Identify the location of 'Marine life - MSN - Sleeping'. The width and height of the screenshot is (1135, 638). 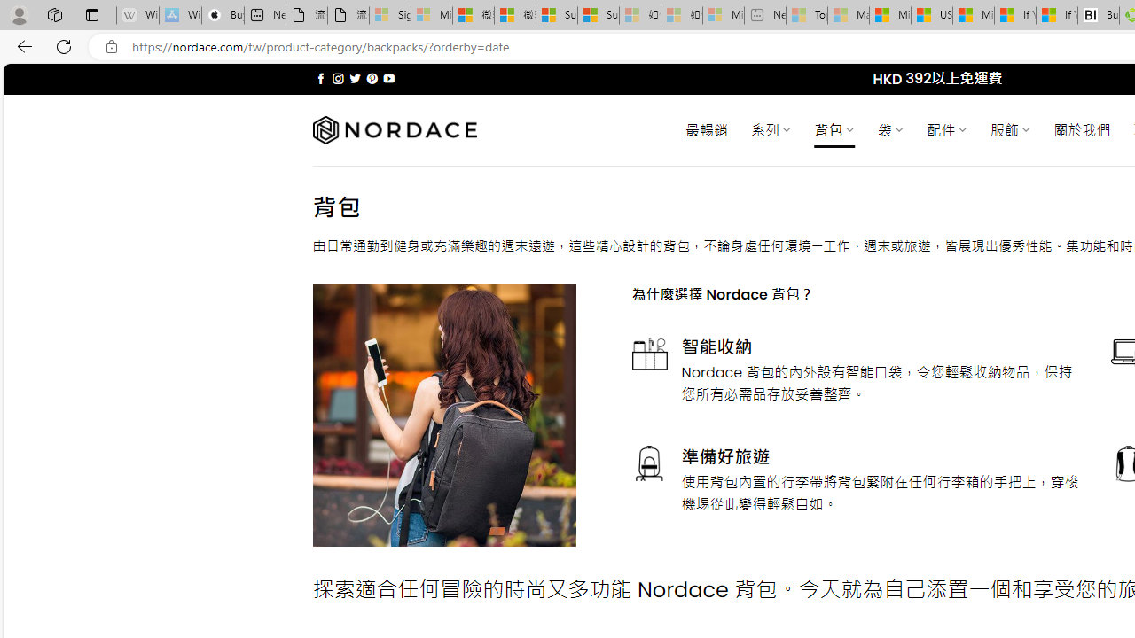
(848, 15).